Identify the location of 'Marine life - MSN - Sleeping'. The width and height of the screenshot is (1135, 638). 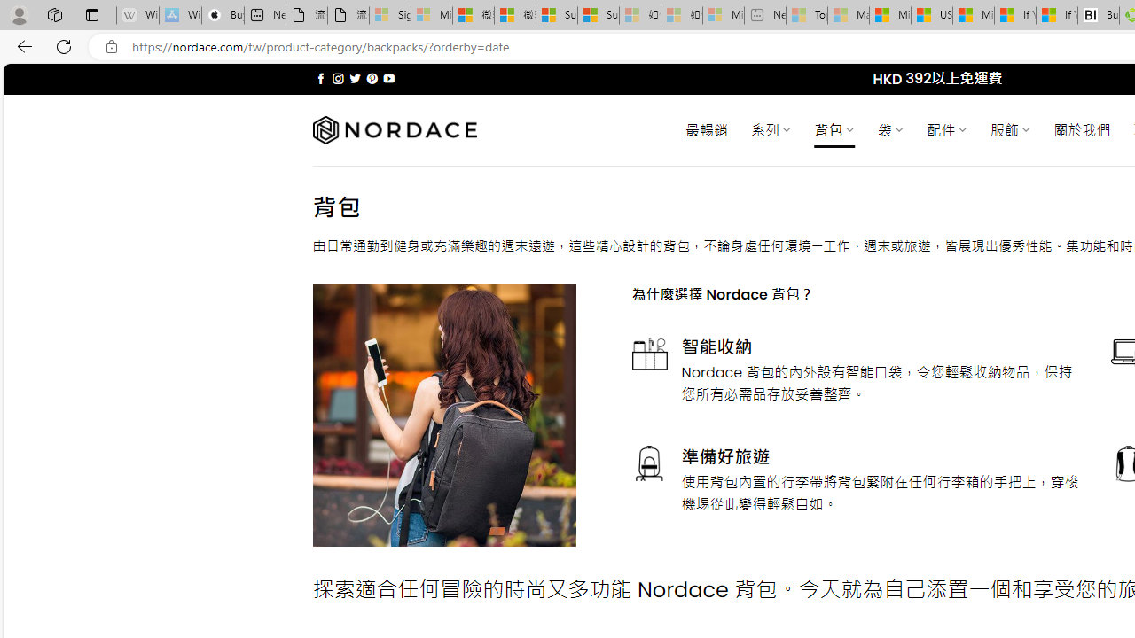
(848, 15).